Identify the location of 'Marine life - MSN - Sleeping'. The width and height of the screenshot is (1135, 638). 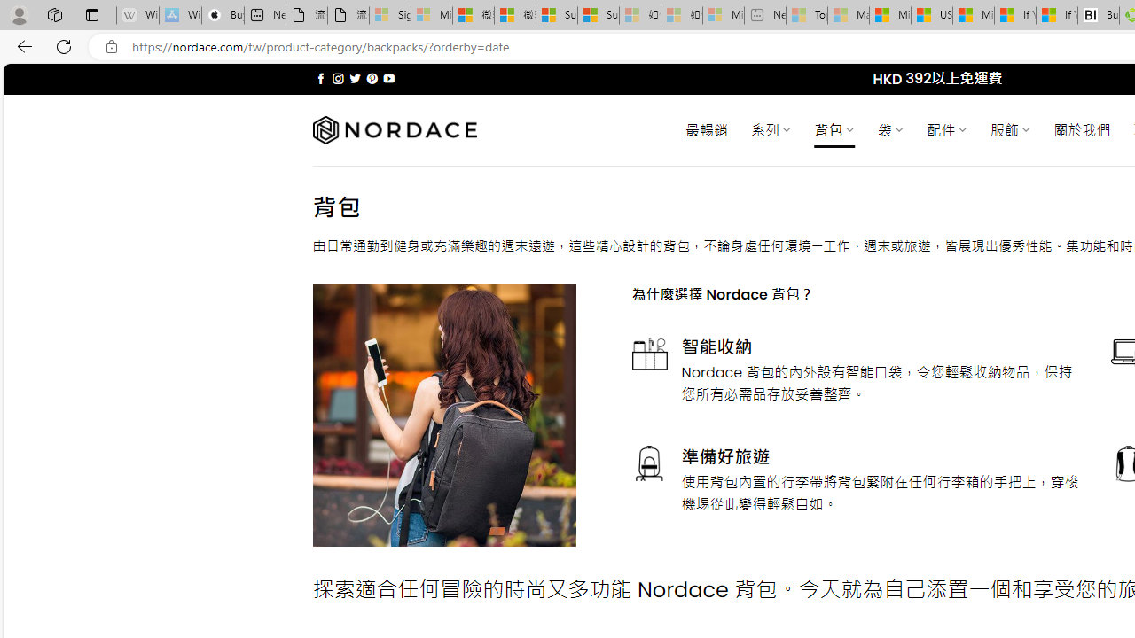
(848, 15).